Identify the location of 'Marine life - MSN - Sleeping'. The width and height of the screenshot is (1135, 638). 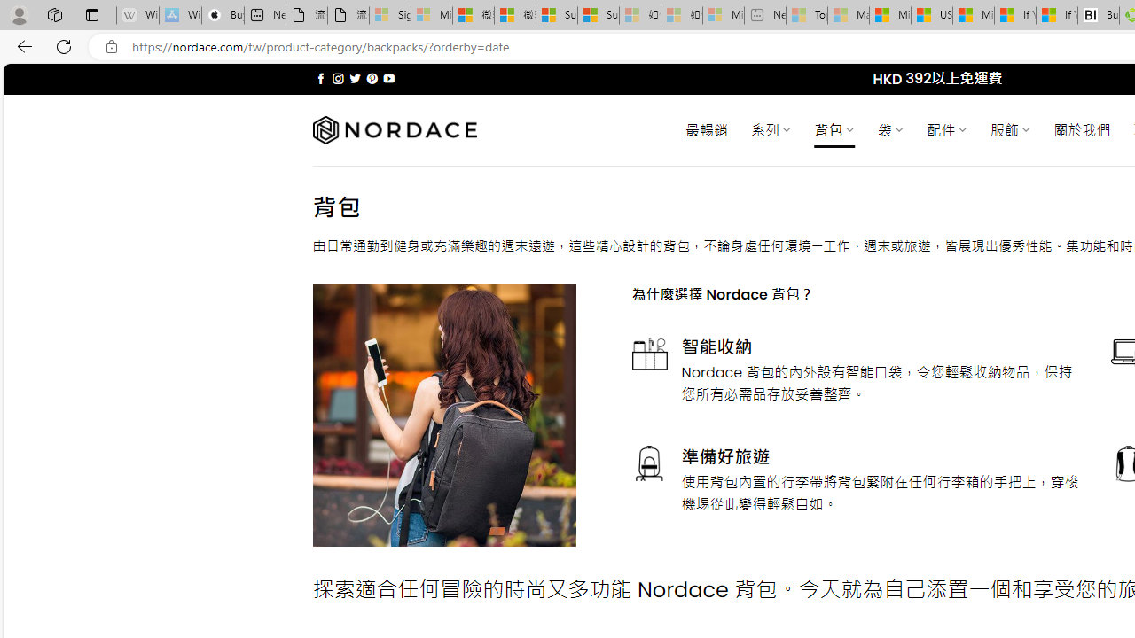
(848, 15).